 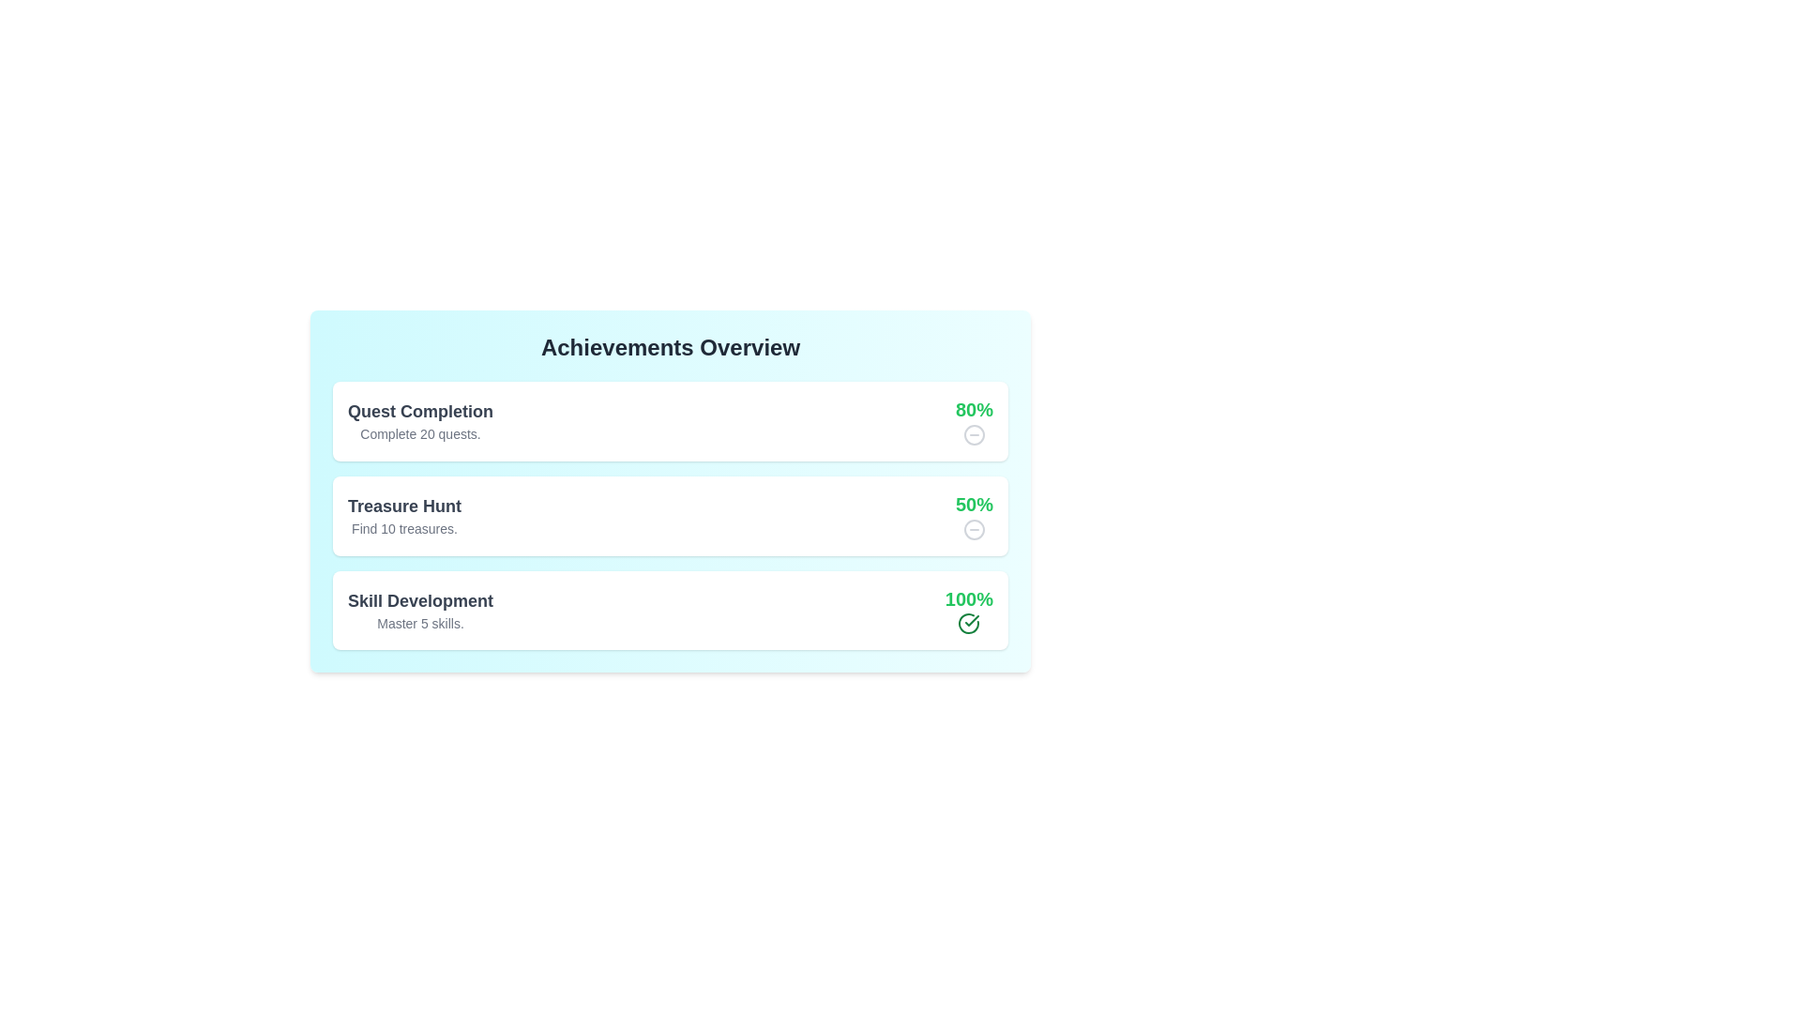 I want to click on text from the Text Block displaying 'Skill Development' and 'Master 5 skills.' which is the third achievement item in the 'Achievements Overview' section, so click(x=419, y=610).